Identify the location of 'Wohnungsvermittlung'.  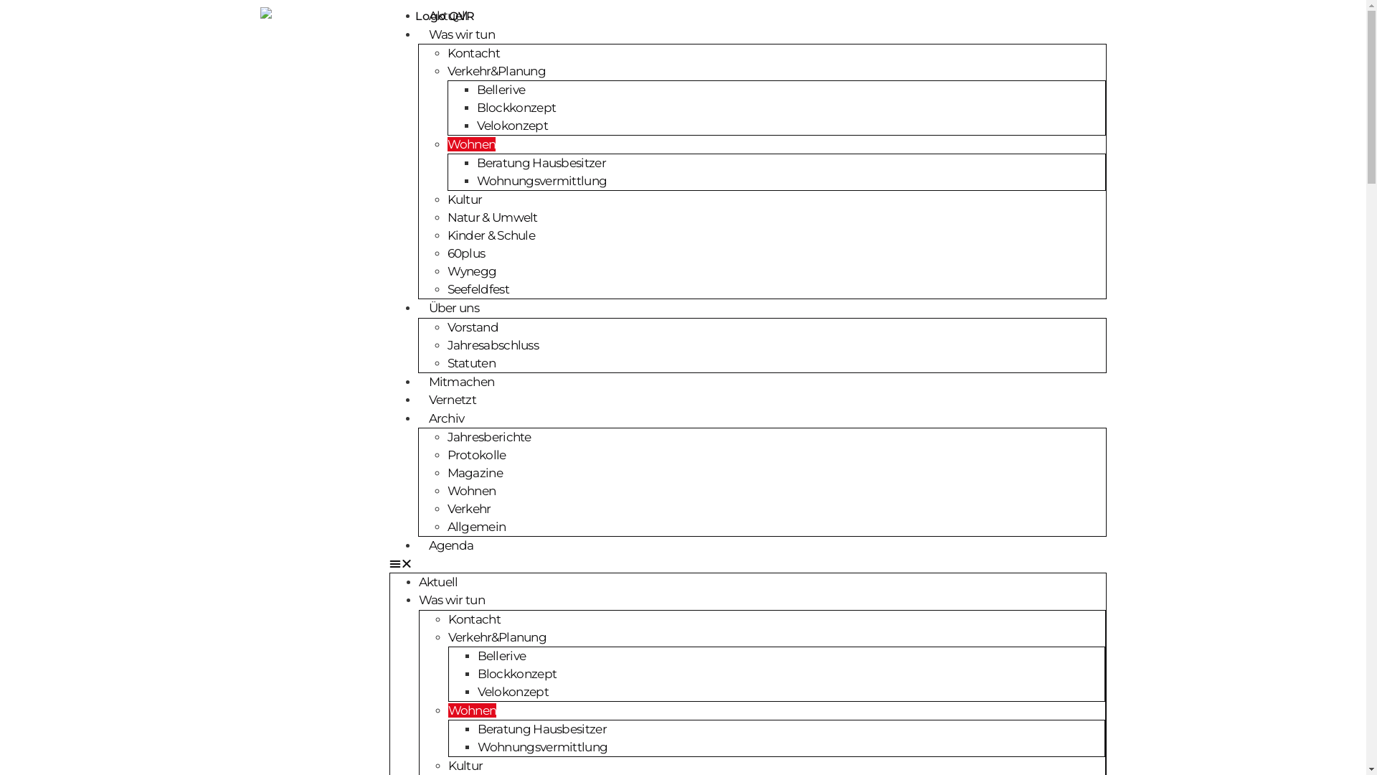
(540, 179).